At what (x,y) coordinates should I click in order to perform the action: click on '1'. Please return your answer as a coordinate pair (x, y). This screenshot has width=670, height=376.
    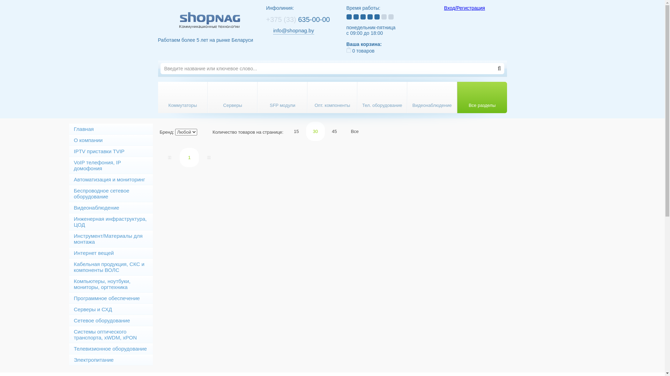
    Looking at the image, I should click on (179, 157).